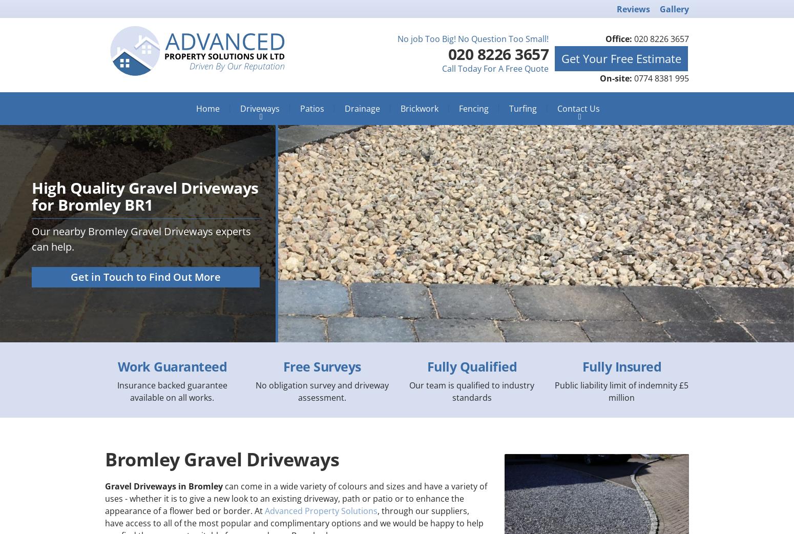 This screenshot has height=534, width=794. I want to click on 'Our team is qualified to industry standards', so click(472, 391).